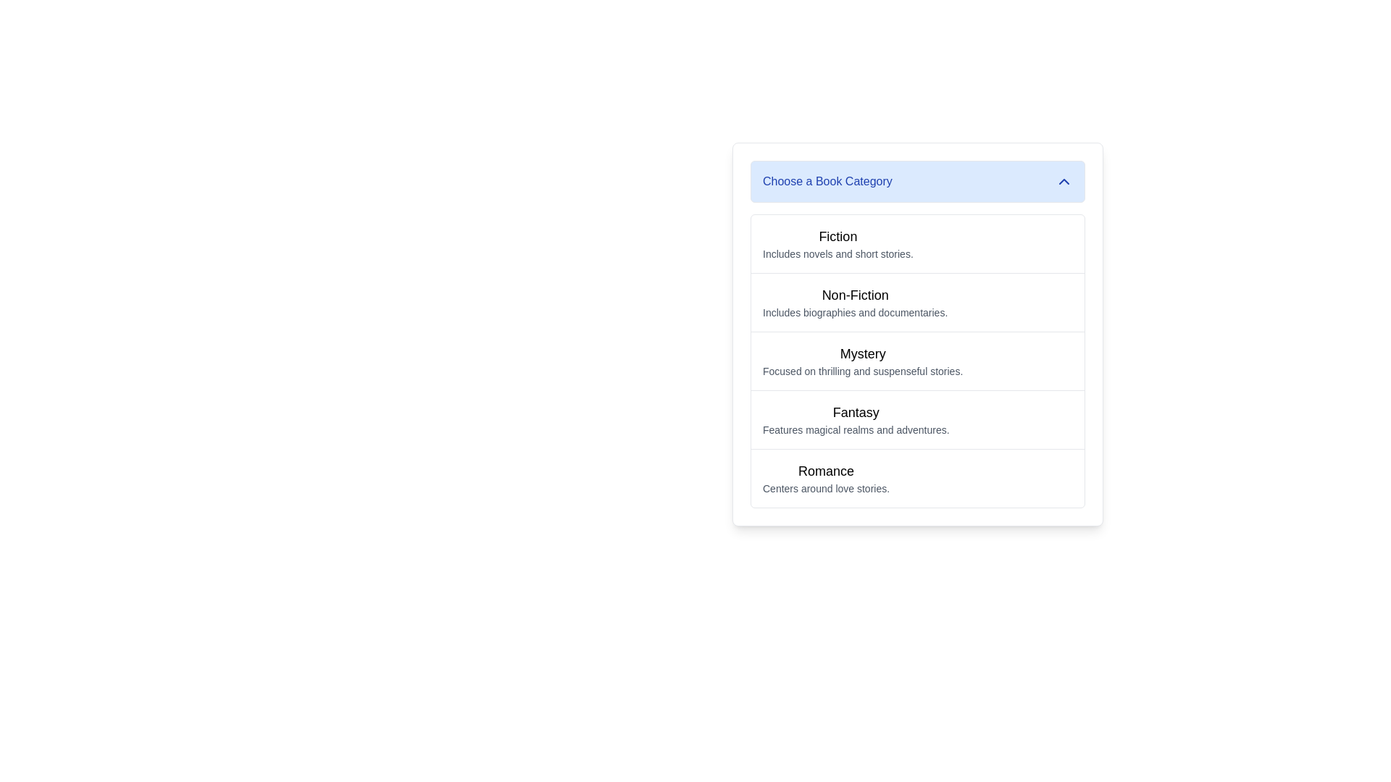  Describe the element at coordinates (1064, 180) in the screenshot. I see `the chevron icon located at the upper-right corner of the 'Choose a Book Category' header` at that location.